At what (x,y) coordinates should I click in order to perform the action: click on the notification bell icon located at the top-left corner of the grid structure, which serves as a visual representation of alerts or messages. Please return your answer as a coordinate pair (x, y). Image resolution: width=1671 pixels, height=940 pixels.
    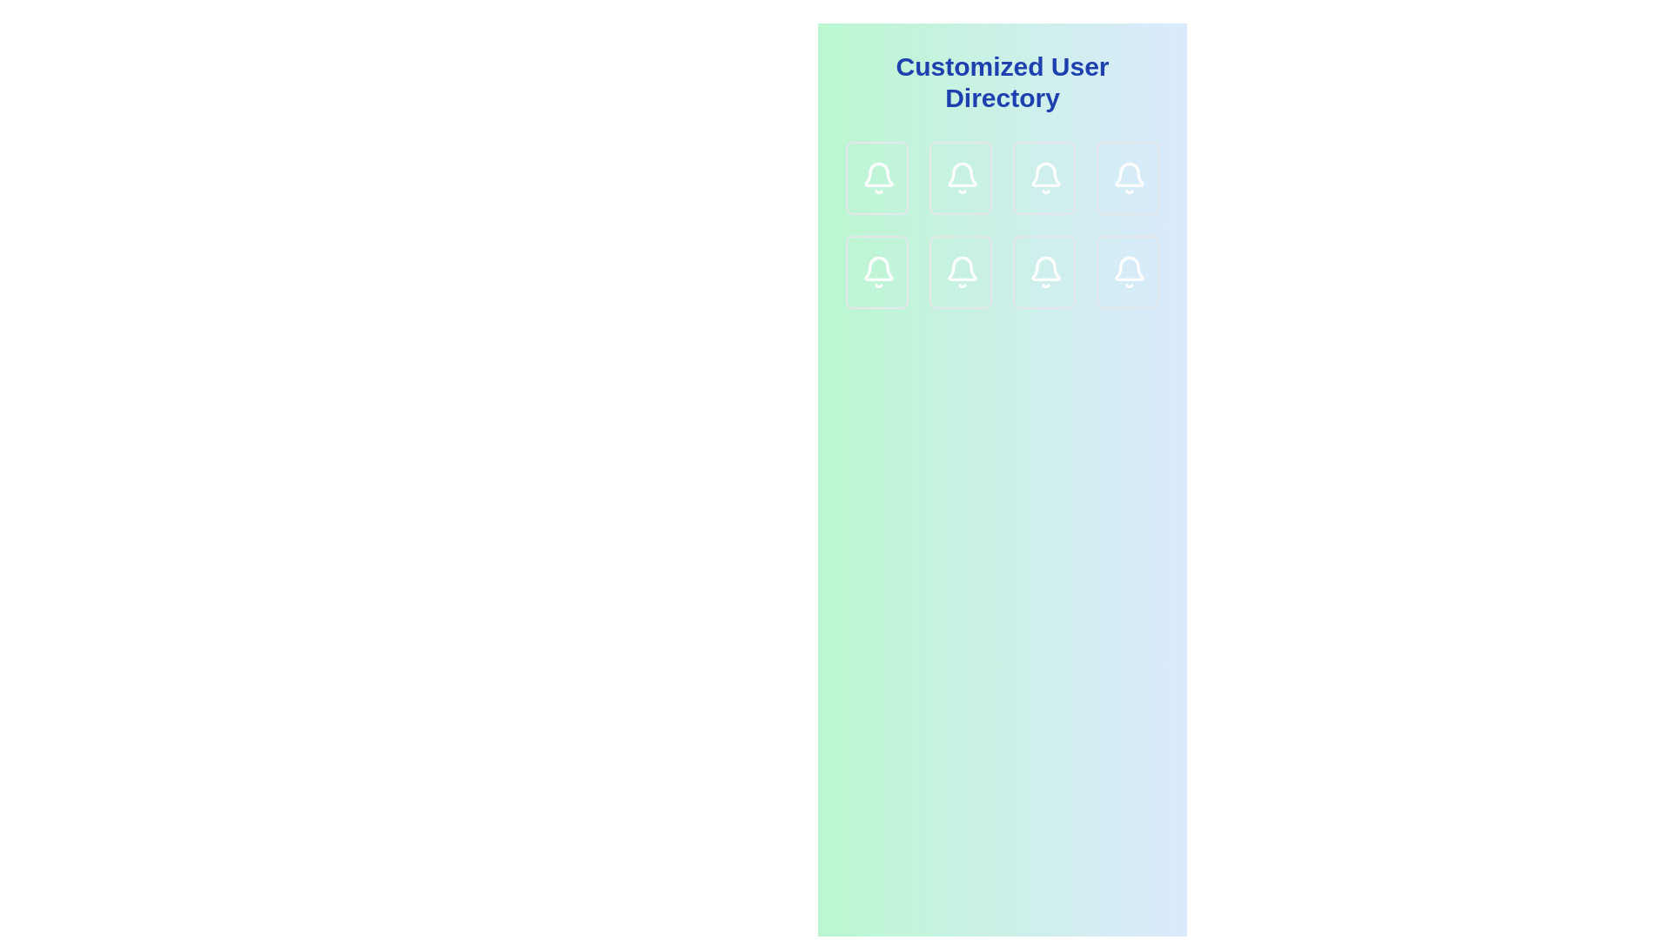
    Looking at the image, I should click on (878, 178).